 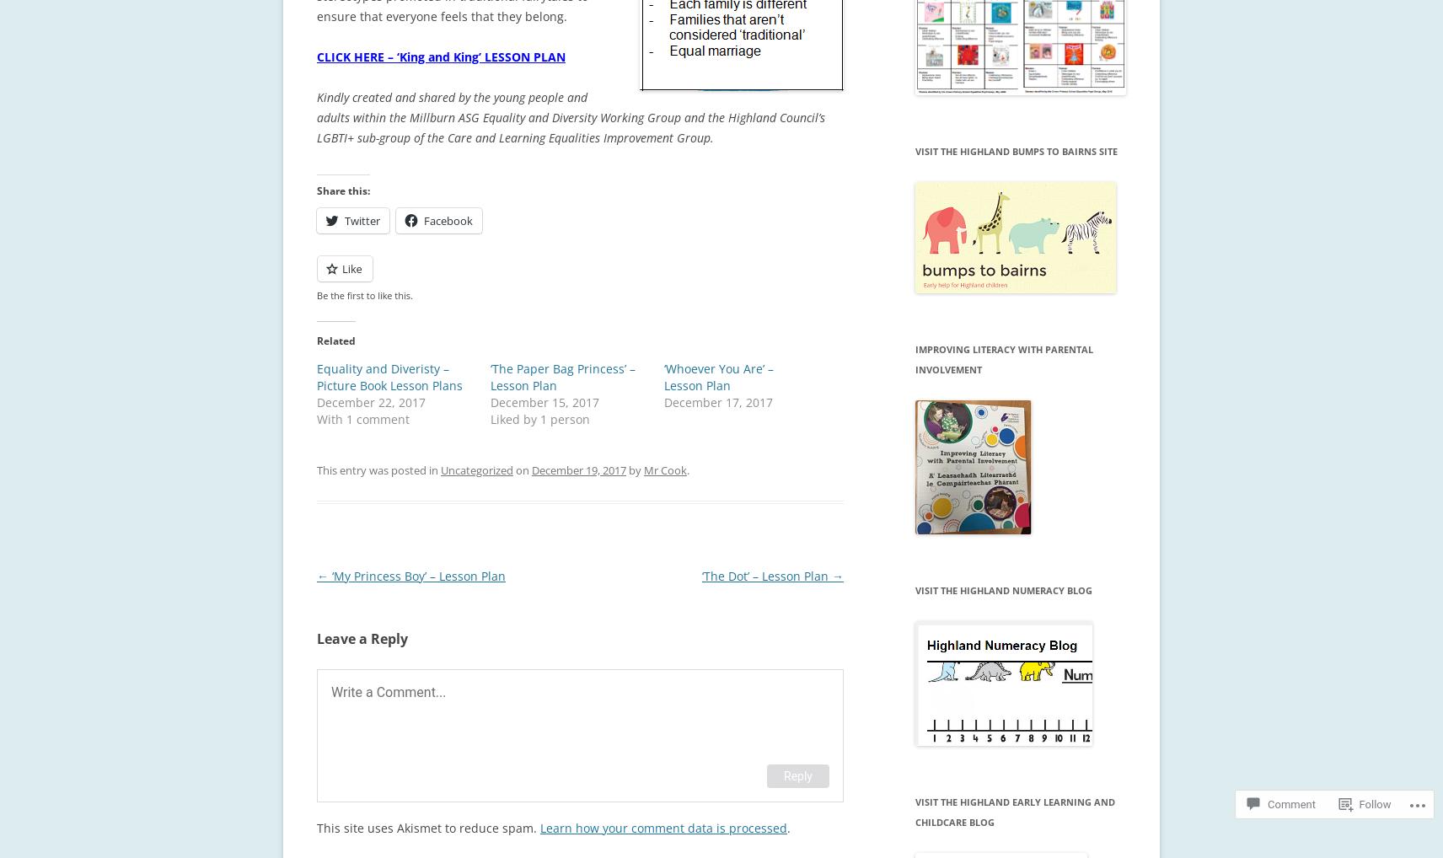 What do you see at coordinates (1291, 803) in the screenshot?
I see `'Comment'` at bounding box center [1291, 803].